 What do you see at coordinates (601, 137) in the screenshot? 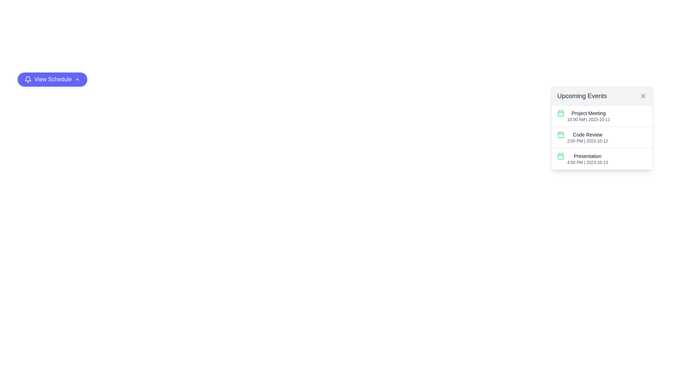
I see `the Information display item for event details that shows 'Code Review' and its scheduled date and time '2:00 PM | 2023-10-12'` at bounding box center [601, 137].